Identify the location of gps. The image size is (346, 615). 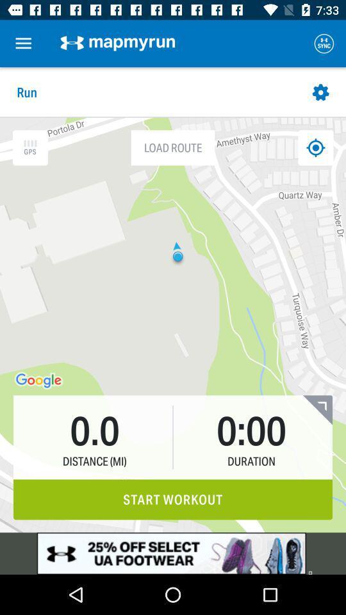
(30, 147).